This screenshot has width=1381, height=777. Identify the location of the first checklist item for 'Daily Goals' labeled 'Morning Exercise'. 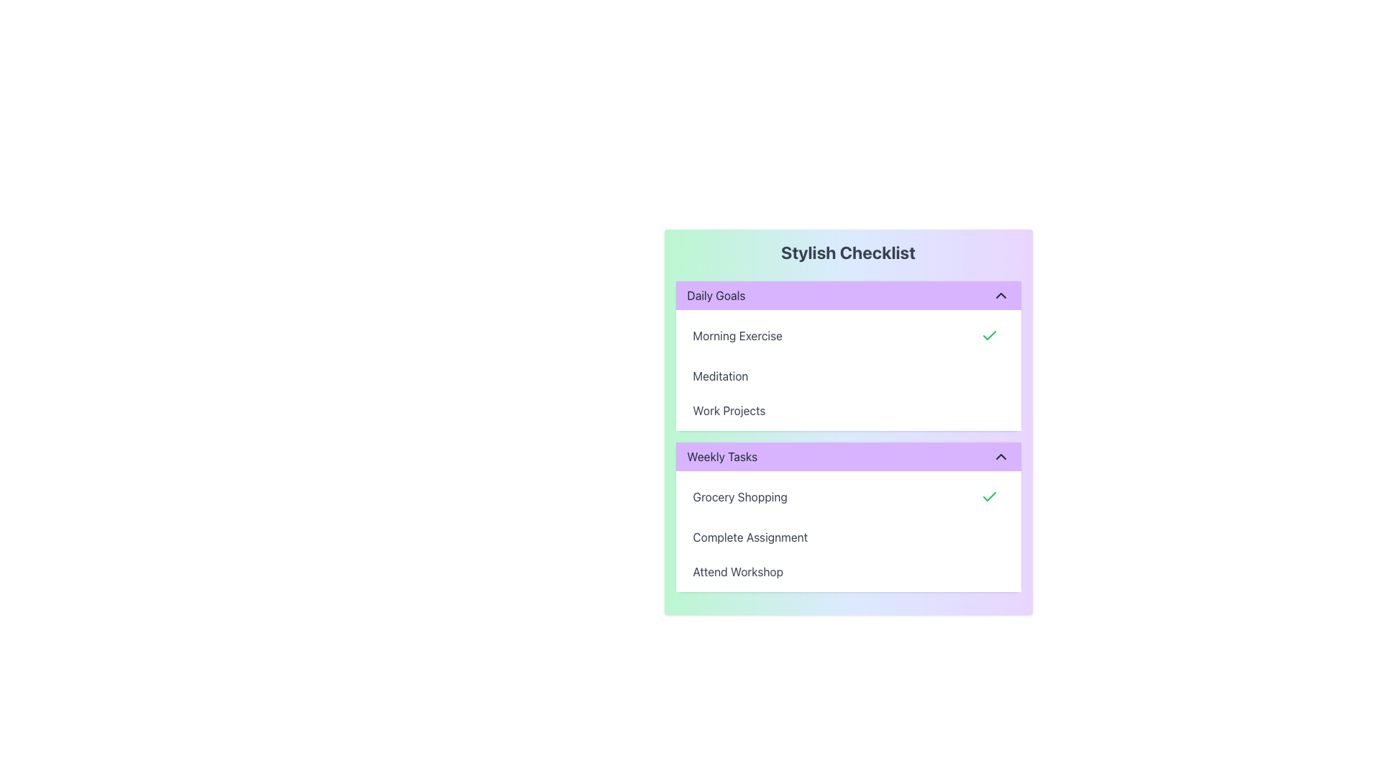
(848, 335).